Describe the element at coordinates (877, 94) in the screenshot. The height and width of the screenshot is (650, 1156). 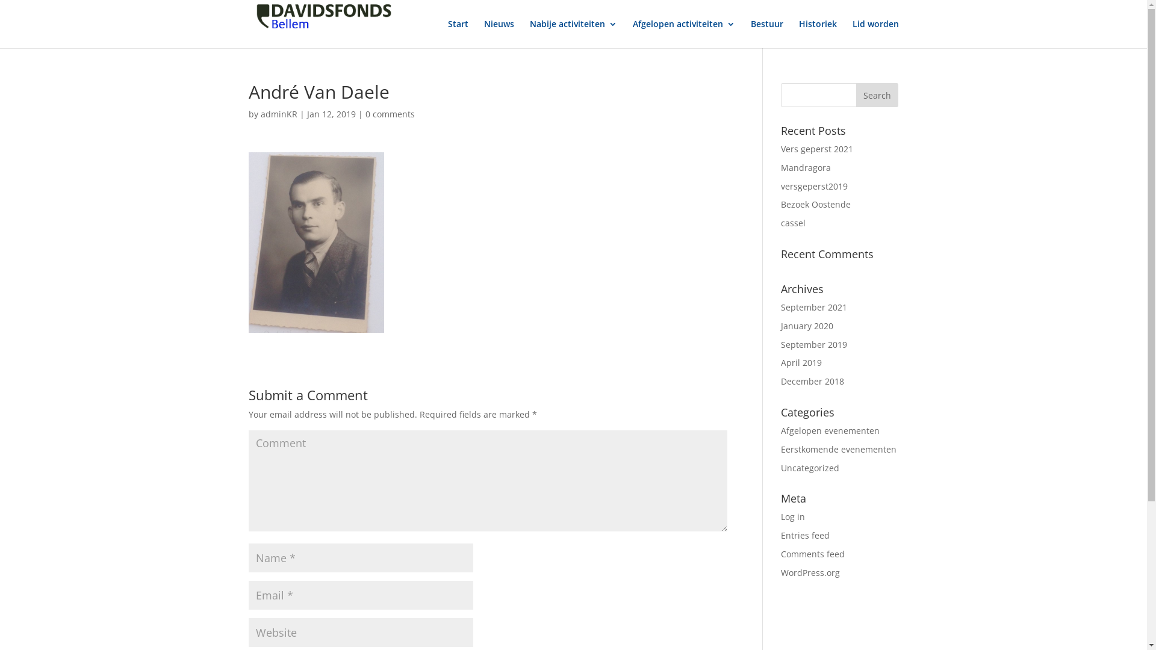
I see `'Search'` at that location.